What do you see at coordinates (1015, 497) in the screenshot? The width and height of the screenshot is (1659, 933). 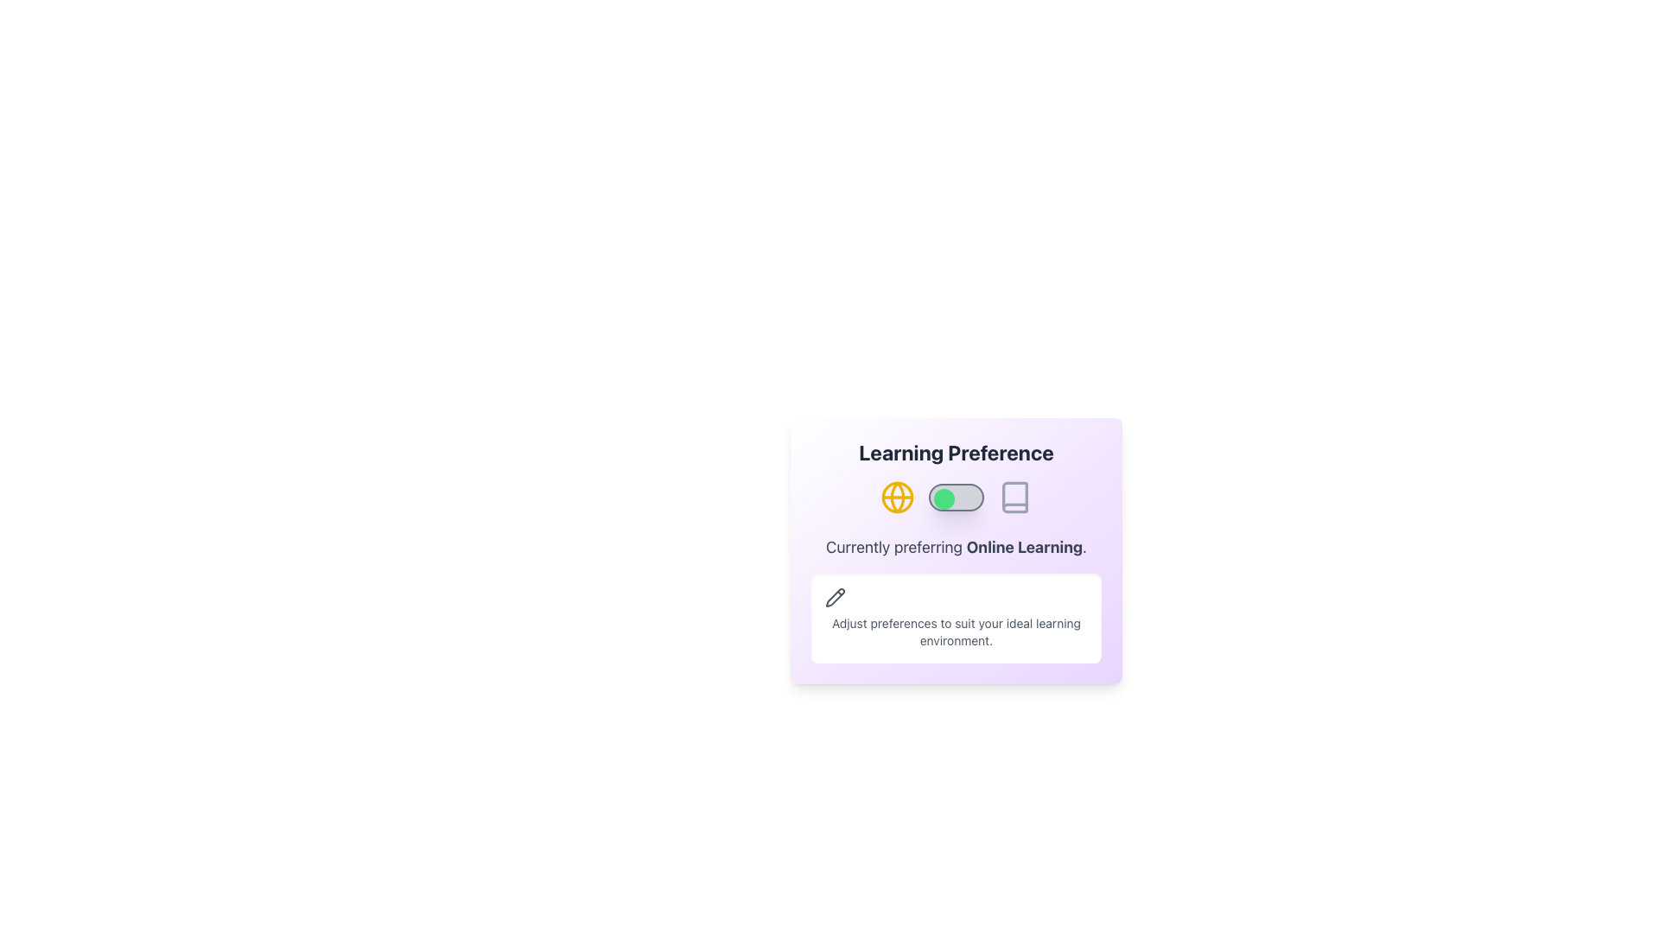 I see `the vector graphic icon of a book, which is the third icon in a horizontal row inside the 'Learning Preference' card` at bounding box center [1015, 497].